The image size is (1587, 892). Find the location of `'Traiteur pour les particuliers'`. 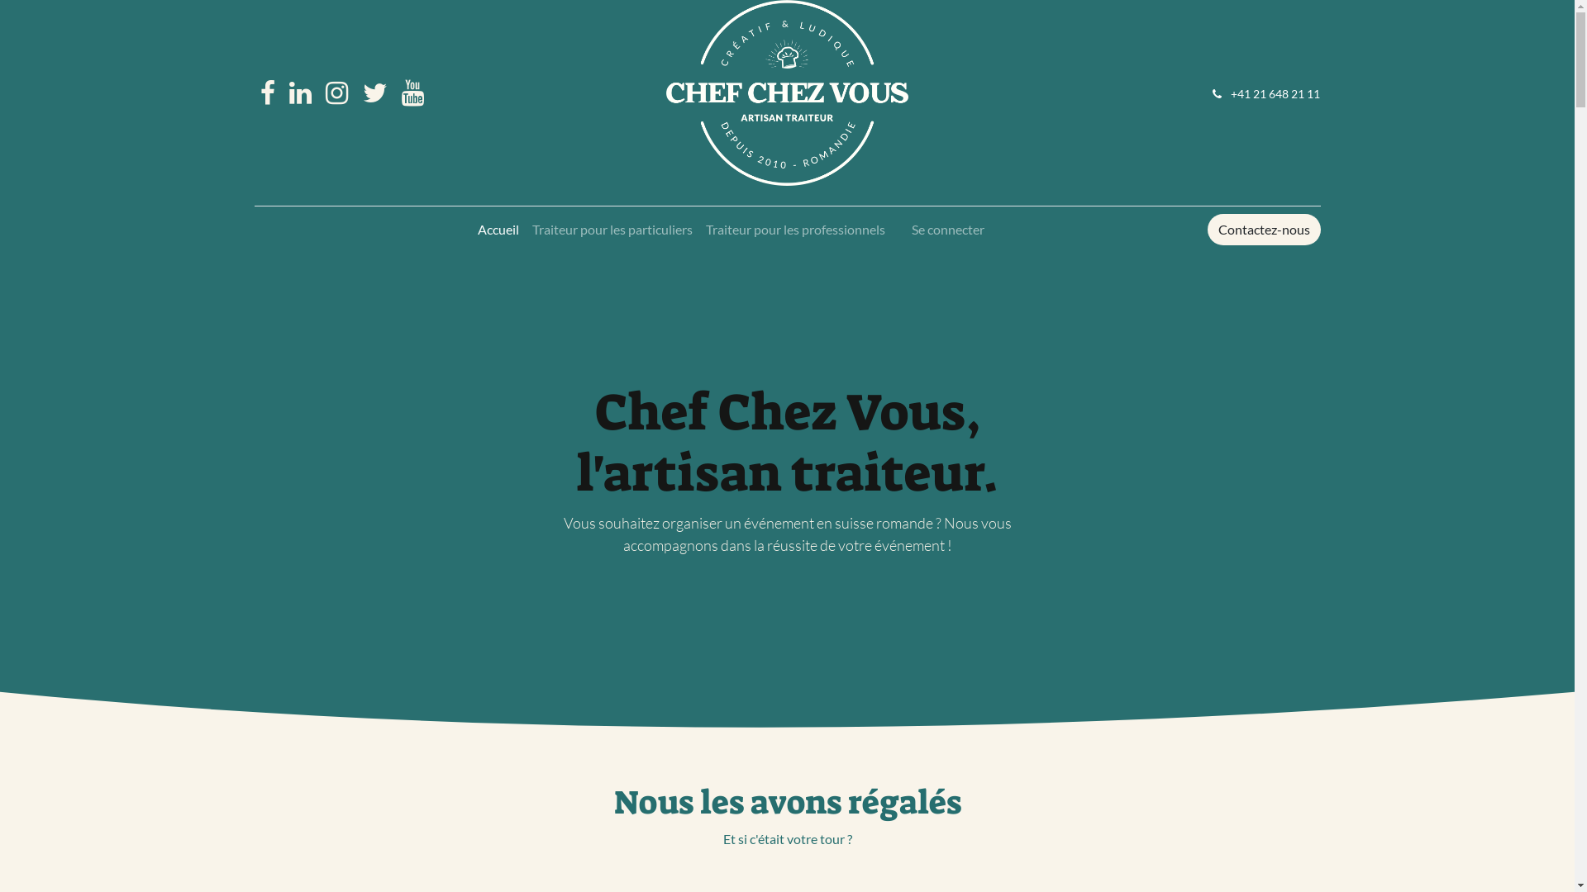

'Traiteur pour les particuliers' is located at coordinates (524, 229).